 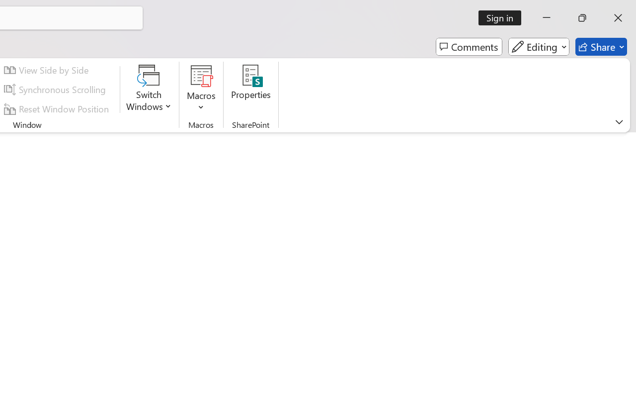 What do you see at coordinates (149, 89) in the screenshot?
I see `'Switch Windows'` at bounding box center [149, 89].